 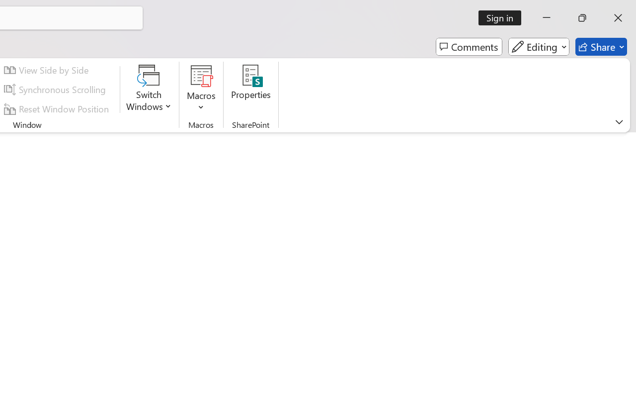 What do you see at coordinates (149, 89) in the screenshot?
I see `'Switch Windows'` at bounding box center [149, 89].